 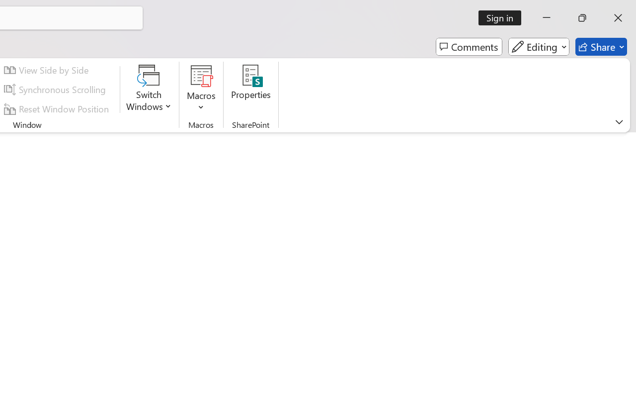 What do you see at coordinates (149, 89) in the screenshot?
I see `'Switch Windows'` at bounding box center [149, 89].